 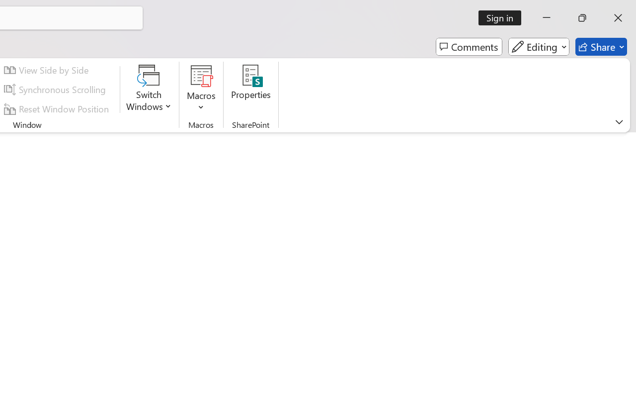 What do you see at coordinates (149, 89) in the screenshot?
I see `'Switch Windows'` at bounding box center [149, 89].